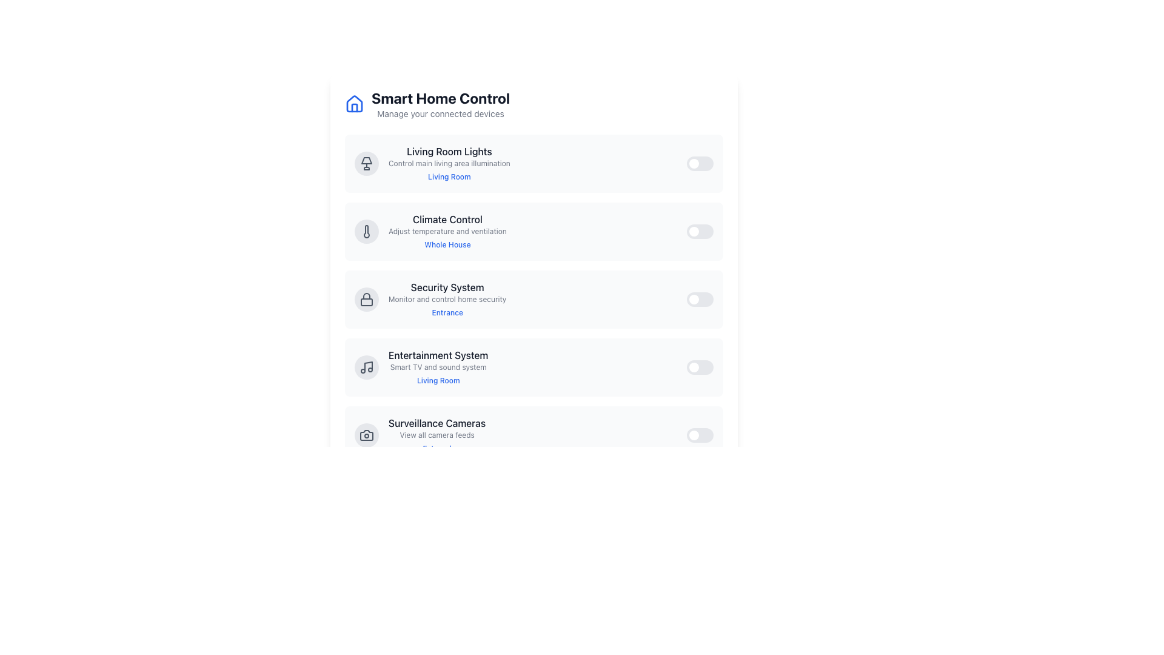  What do you see at coordinates (366, 164) in the screenshot?
I see `the circular gray button with a lamp icon located at the top-left corner of the 'Living Room Lights' section` at bounding box center [366, 164].